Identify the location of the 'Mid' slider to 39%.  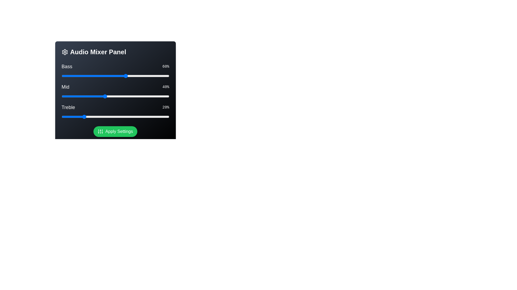
(103, 96).